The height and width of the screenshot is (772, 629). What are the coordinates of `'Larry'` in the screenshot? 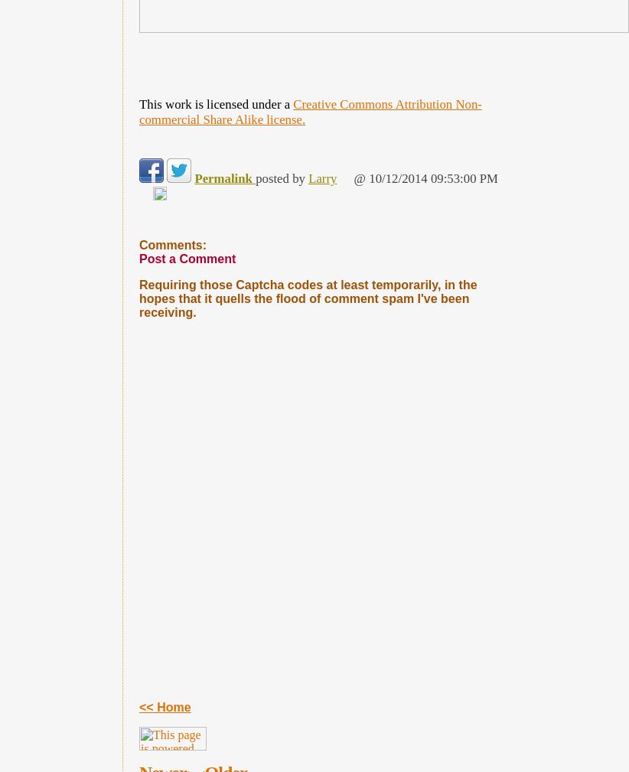 It's located at (308, 178).